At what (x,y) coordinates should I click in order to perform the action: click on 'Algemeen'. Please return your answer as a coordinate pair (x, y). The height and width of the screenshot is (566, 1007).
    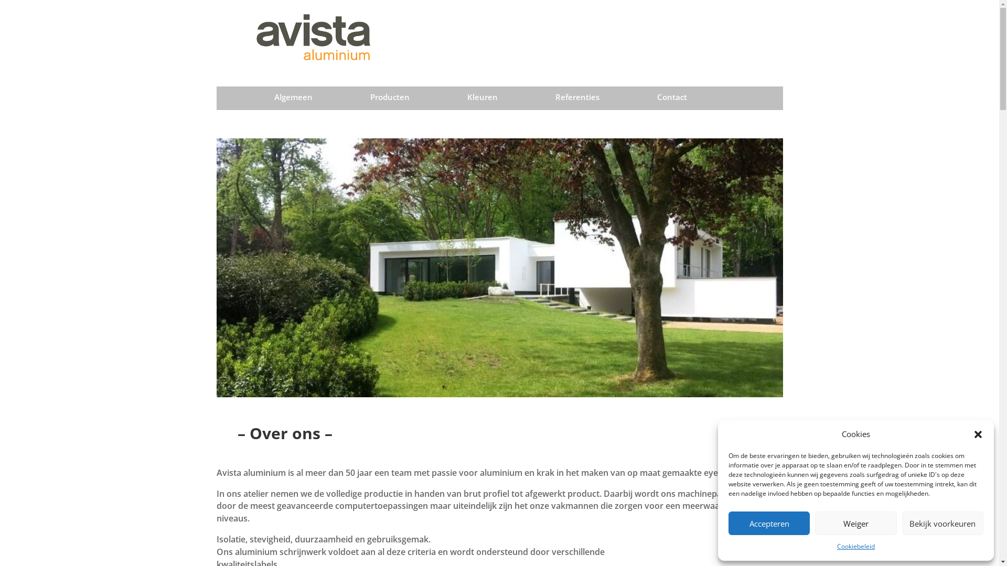
    Looking at the image, I should click on (293, 99).